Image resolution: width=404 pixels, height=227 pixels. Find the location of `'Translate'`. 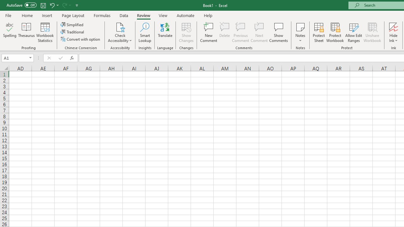

'Translate' is located at coordinates (165, 32).